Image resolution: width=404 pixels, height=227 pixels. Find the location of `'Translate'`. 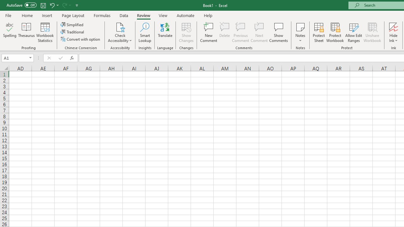

'Translate' is located at coordinates (165, 32).